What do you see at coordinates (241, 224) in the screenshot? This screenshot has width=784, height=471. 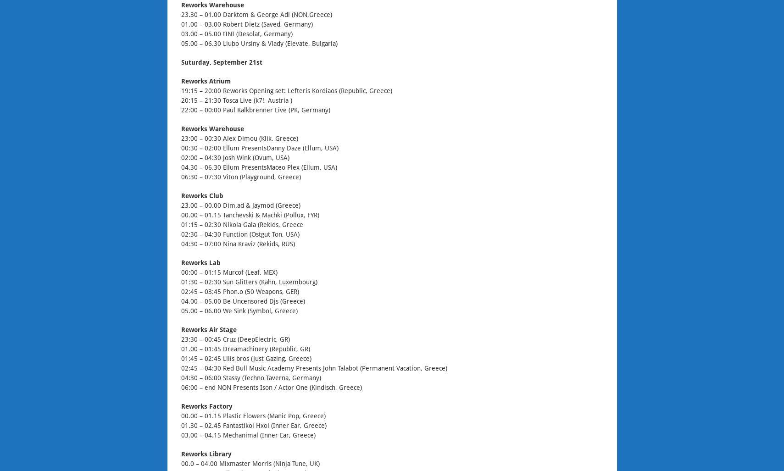 I see `'01:15 – 02:30 Nikola Gala (Rekids, Greece'` at bounding box center [241, 224].